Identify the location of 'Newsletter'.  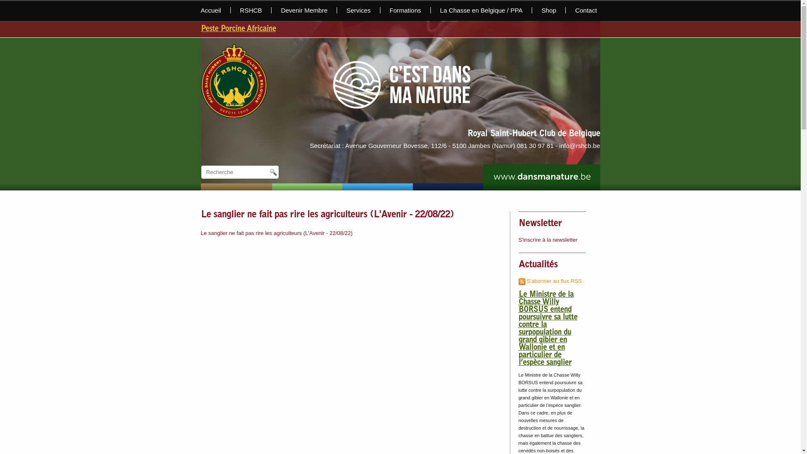
(540, 223).